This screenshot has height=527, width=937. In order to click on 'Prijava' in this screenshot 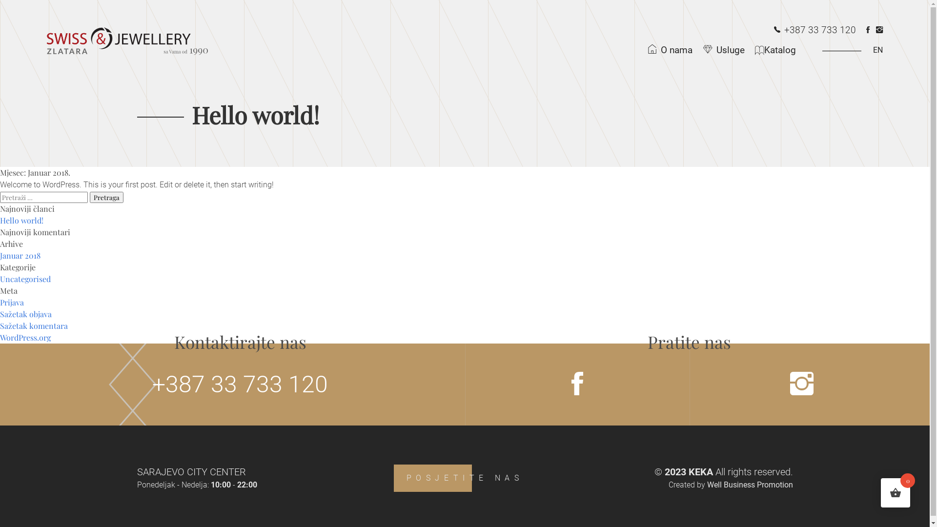, I will do `click(12, 302)`.